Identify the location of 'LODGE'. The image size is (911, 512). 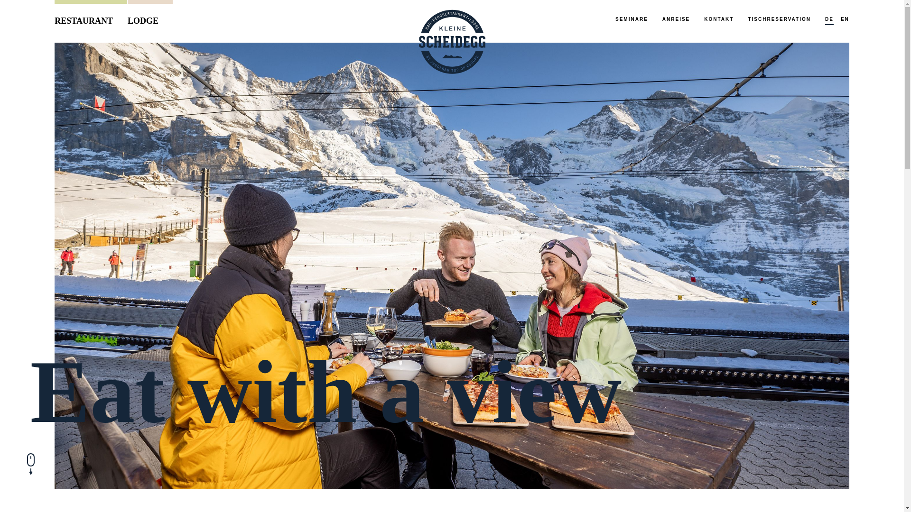
(149, 16).